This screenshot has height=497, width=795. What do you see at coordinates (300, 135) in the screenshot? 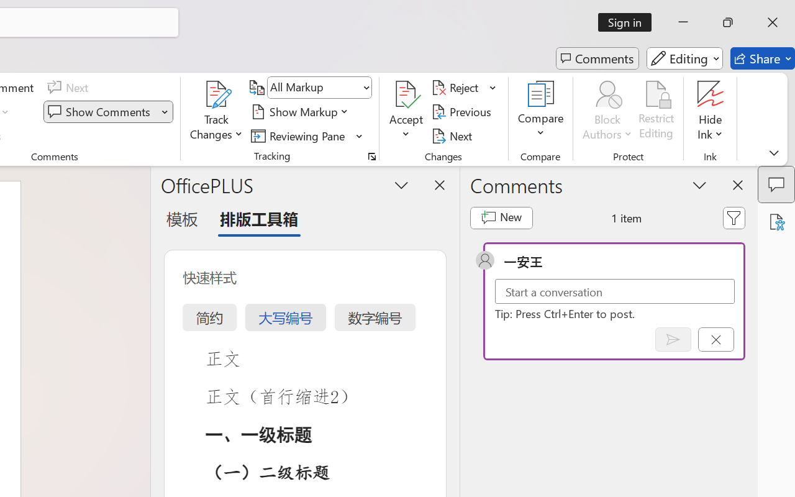
I see `'Reviewing Pane'` at bounding box center [300, 135].